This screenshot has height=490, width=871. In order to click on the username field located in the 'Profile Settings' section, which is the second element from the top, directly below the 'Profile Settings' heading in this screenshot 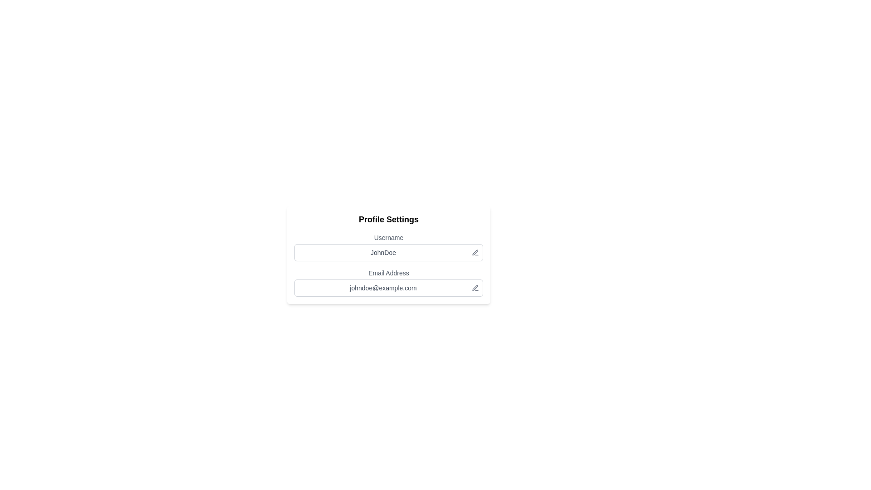, I will do `click(389, 247)`.